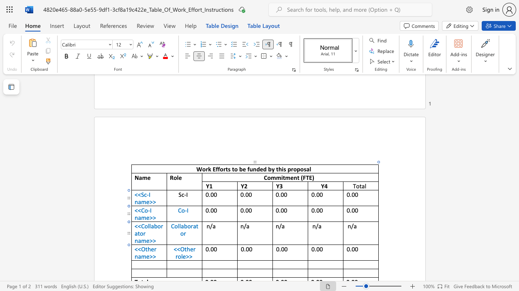 The image size is (519, 291). Describe the element at coordinates (146, 256) in the screenshot. I see `the space between the continuous character "m" and "e" in the text` at that location.